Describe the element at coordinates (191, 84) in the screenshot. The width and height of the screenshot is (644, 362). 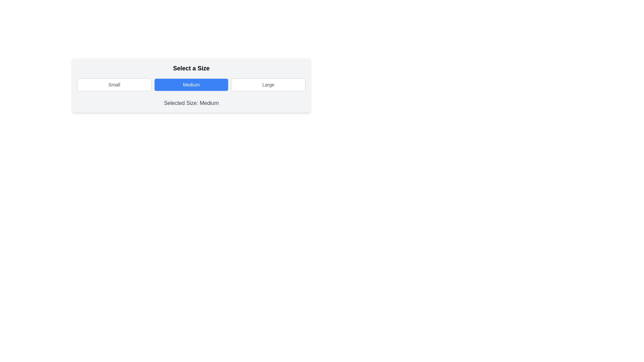
I see `the 'Medium' size option button` at that location.